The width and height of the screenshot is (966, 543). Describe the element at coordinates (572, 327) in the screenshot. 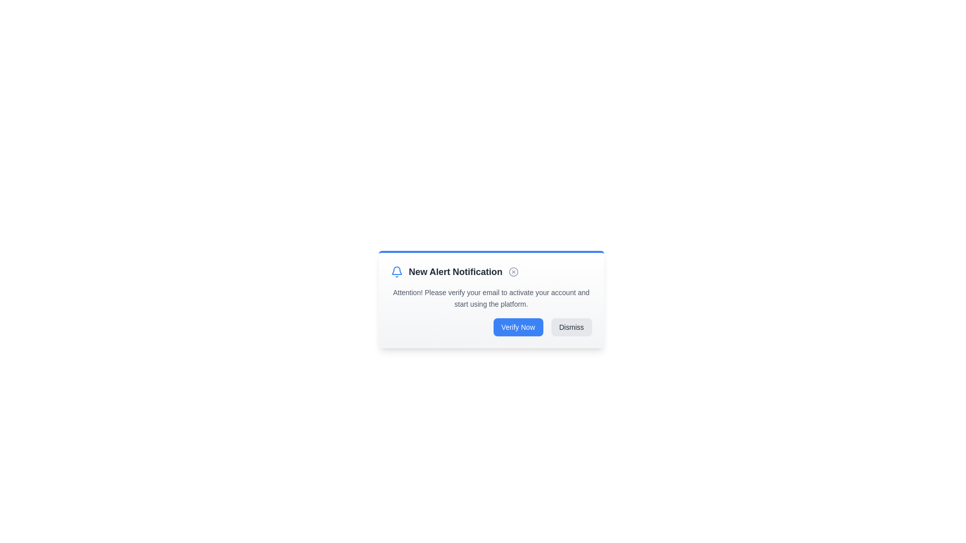

I see `the 'Dismiss' button, which is a rectangular button with a light gray background and dark gray text, located in the bottom-right corner of the modal` at that location.